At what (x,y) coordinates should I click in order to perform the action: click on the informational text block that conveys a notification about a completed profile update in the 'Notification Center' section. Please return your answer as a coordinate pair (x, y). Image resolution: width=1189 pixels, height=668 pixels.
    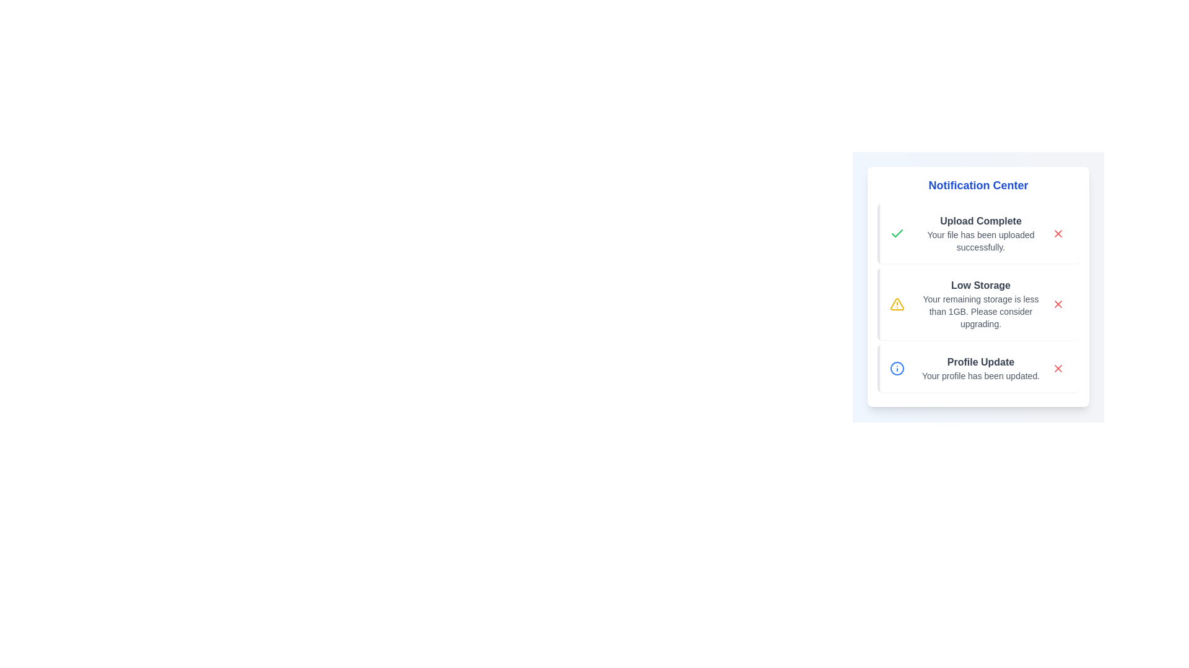
    Looking at the image, I should click on (980, 368).